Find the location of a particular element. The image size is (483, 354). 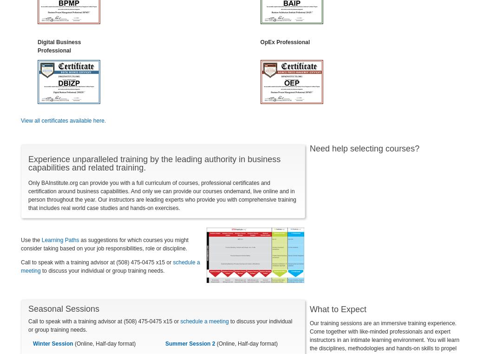

'Digital Business' is located at coordinates (59, 41).